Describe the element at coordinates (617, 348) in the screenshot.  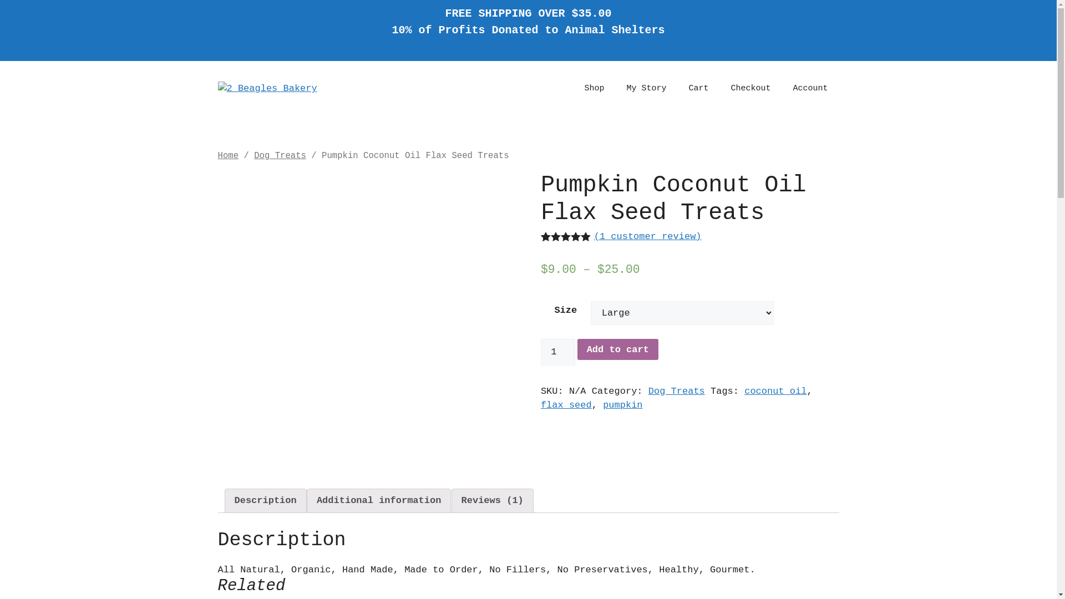
I see `'Add to cart'` at that location.